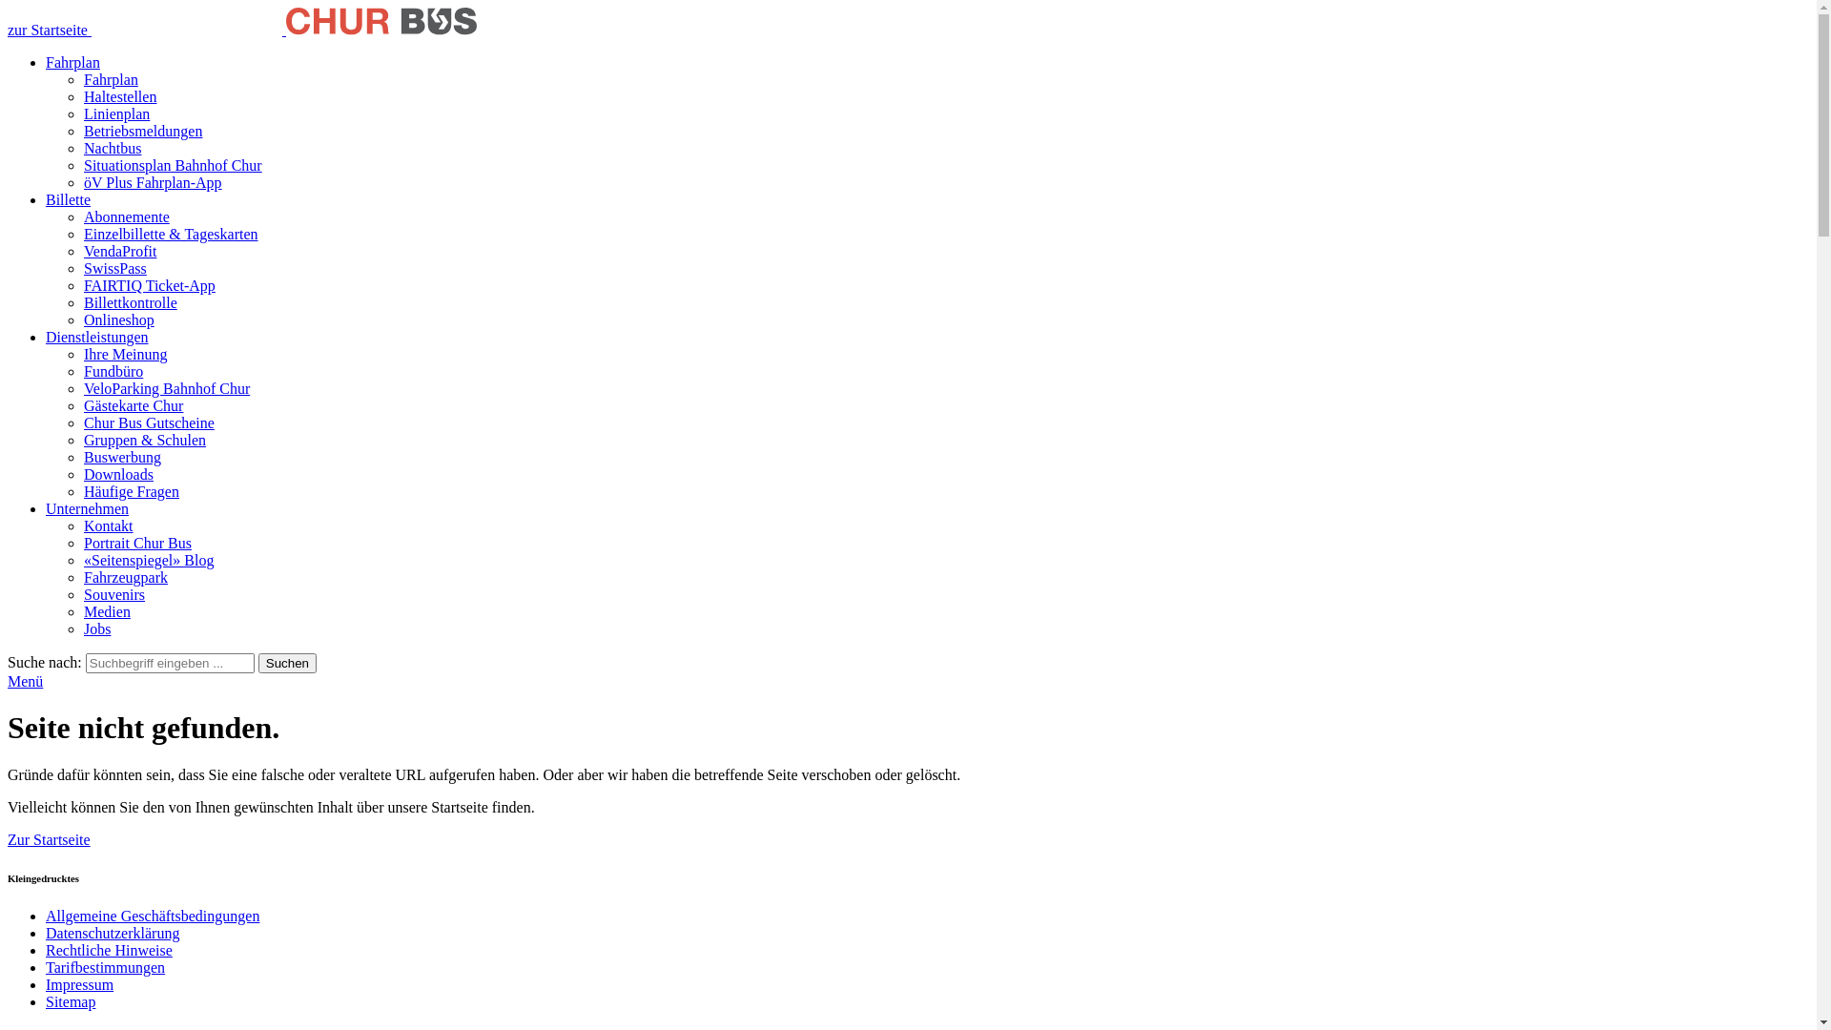 This screenshot has width=1831, height=1030. Describe the element at coordinates (95, 628) in the screenshot. I see `'Jobs'` at that location.